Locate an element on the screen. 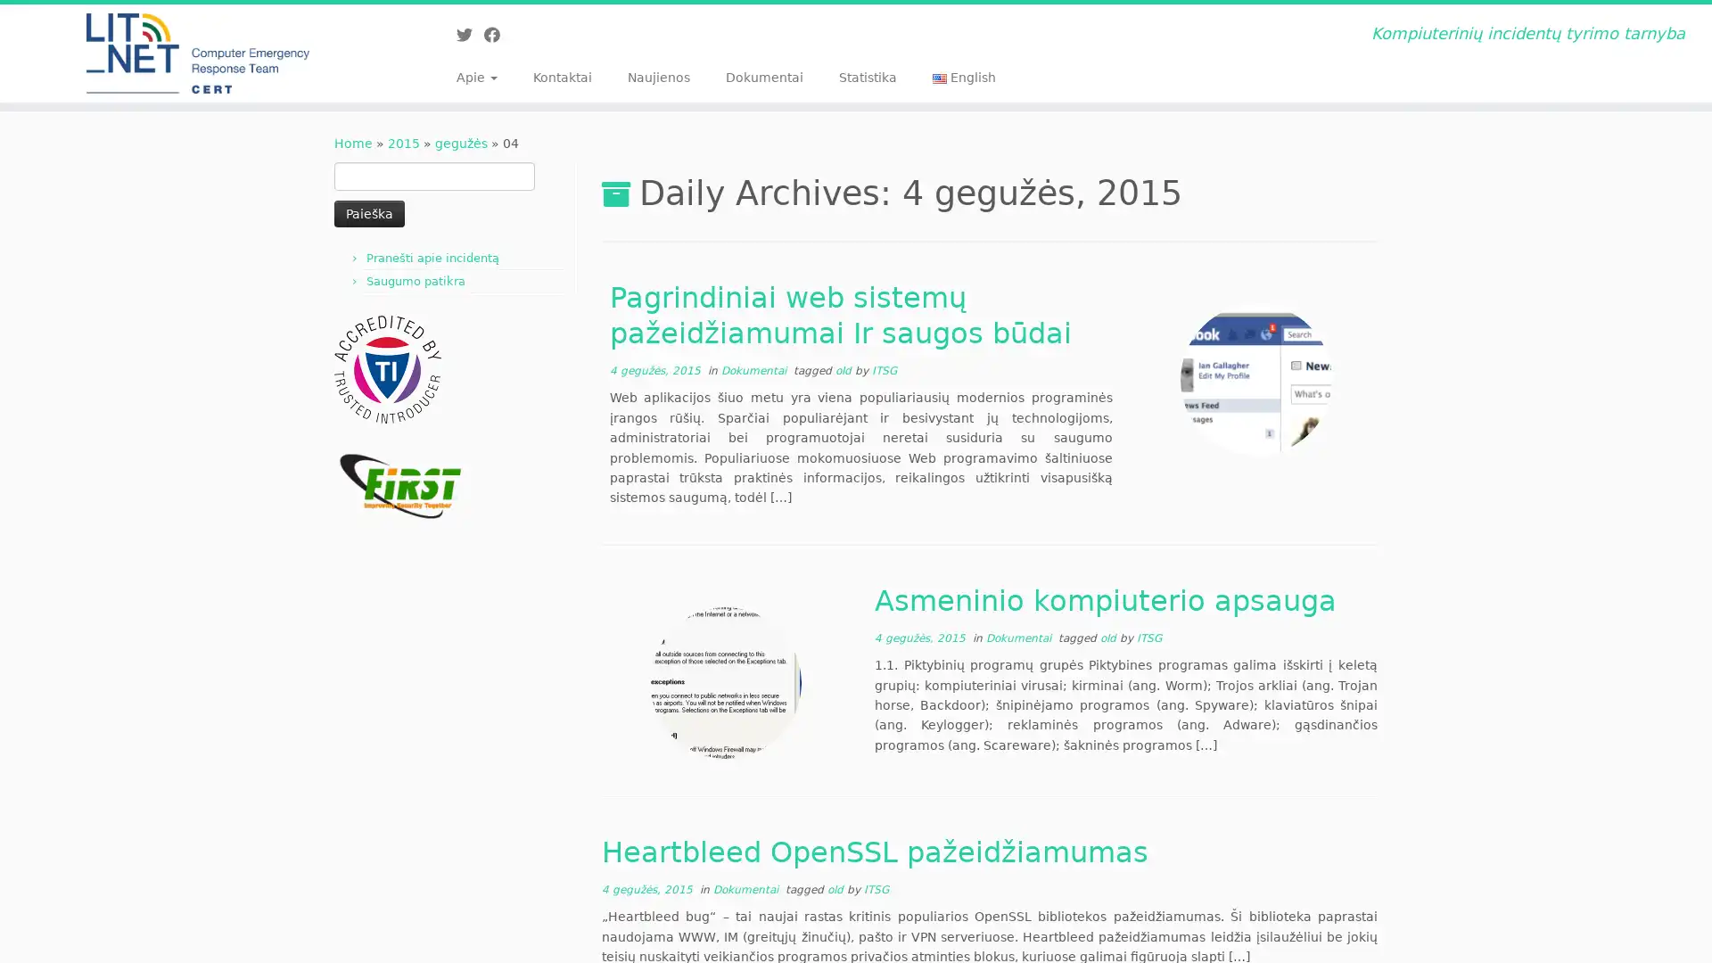  Paieska is located at coordinates (368, 212).